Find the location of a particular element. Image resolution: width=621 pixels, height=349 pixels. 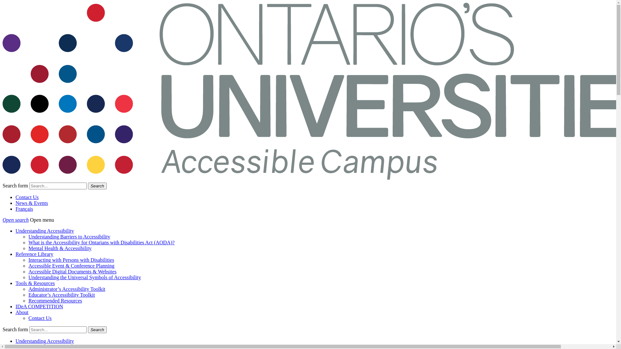

'Understanding the Universal Symbols of Accessibility' is located at coordinates (84, 277).